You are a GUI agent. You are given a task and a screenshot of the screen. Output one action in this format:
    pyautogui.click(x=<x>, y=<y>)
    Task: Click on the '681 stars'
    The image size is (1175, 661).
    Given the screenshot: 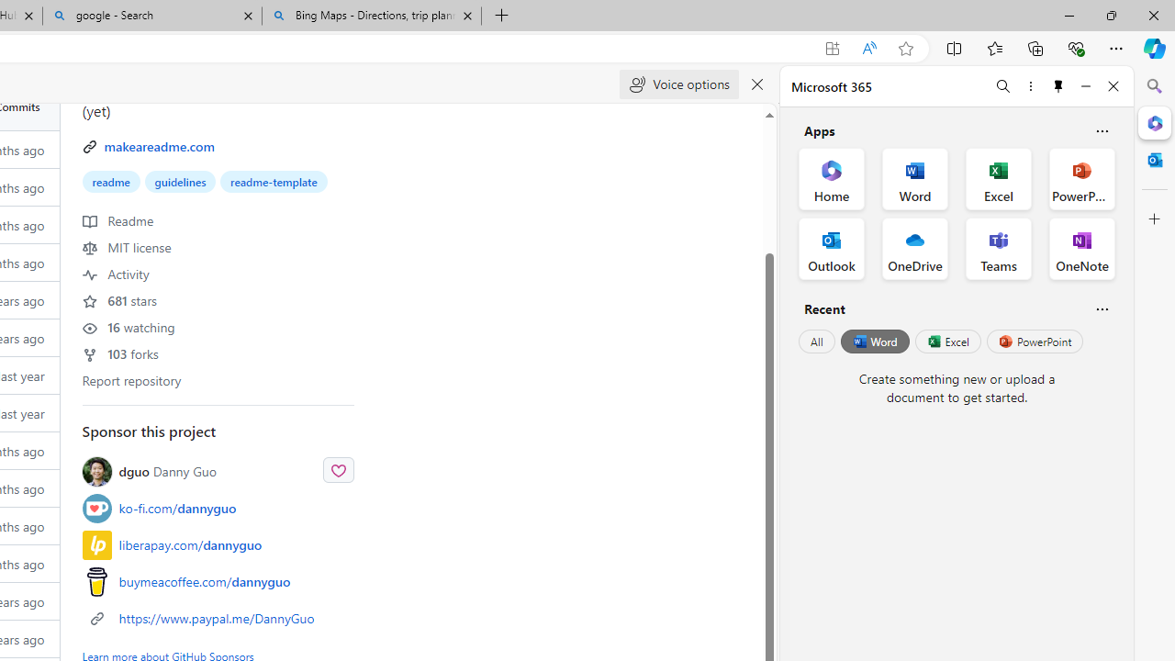 What is the action you would take?
    pyautogui.click(x=118, y=298)
    